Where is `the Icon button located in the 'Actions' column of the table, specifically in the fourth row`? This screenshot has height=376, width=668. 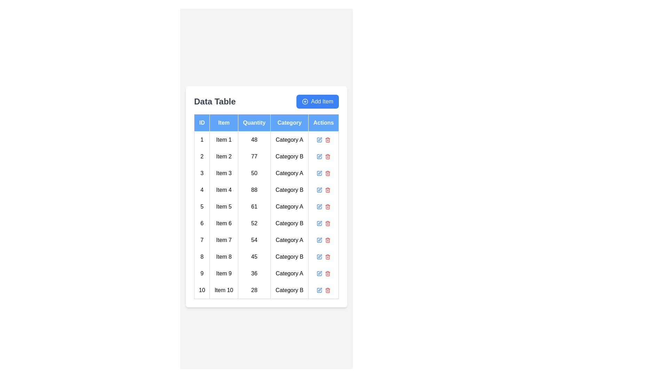 the Icon button located in the 'Actions' column of the table, specifically in the fourth row is located at coordinates (319, 190).